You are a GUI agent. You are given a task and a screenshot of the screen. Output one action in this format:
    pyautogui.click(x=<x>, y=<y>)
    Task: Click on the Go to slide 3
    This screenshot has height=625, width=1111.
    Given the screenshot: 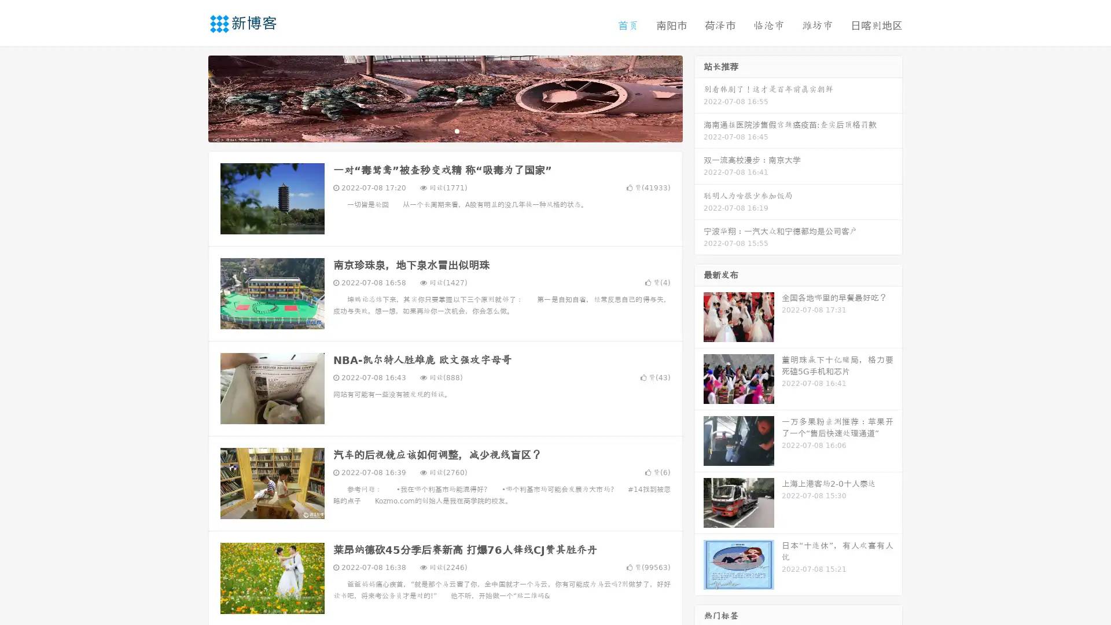 What is the action you would take?
    pyautogui.click(x=457, y=130)
    